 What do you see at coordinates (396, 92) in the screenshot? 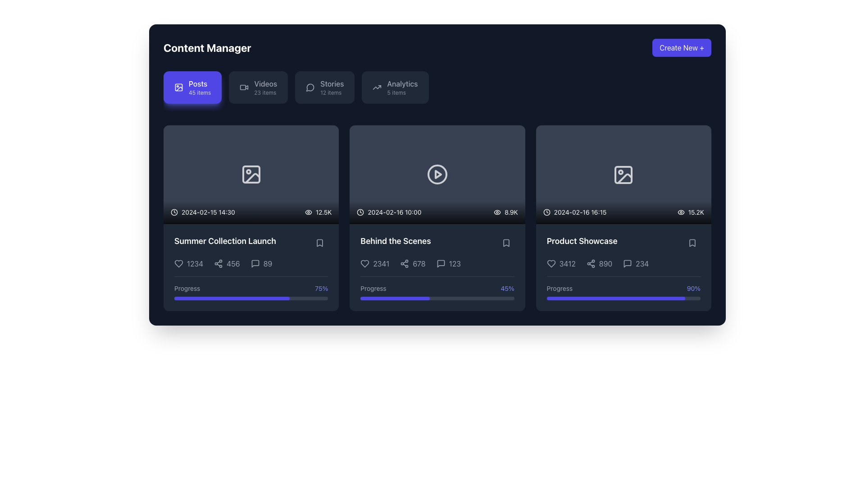
I see `the text label that reads '5 items', which is positioned directly below the 'Analytics' label in the upper section of the interface` at bounding box center [396, 92].